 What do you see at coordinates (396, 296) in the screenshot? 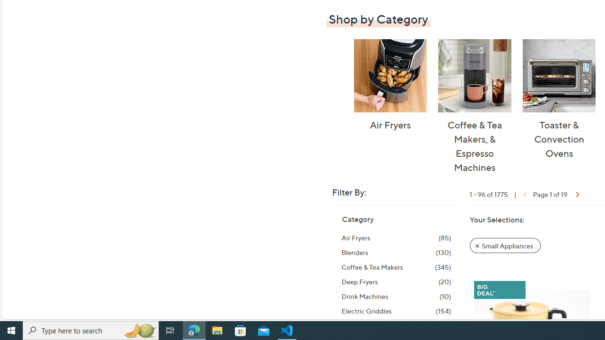
I see `'Drink Machines, 10 items'` at bounding box center [396, 296].